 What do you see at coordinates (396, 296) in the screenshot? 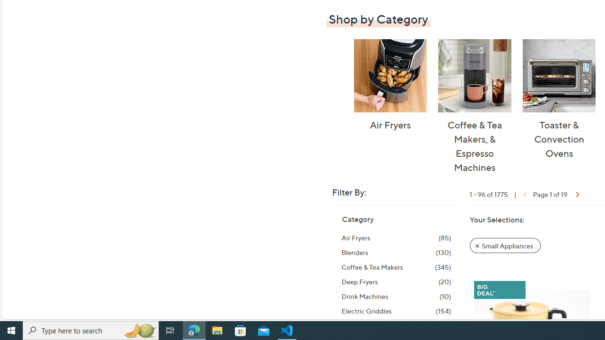
I see `'Drink Machines, 10 items'` at bounding box center [396, 296].